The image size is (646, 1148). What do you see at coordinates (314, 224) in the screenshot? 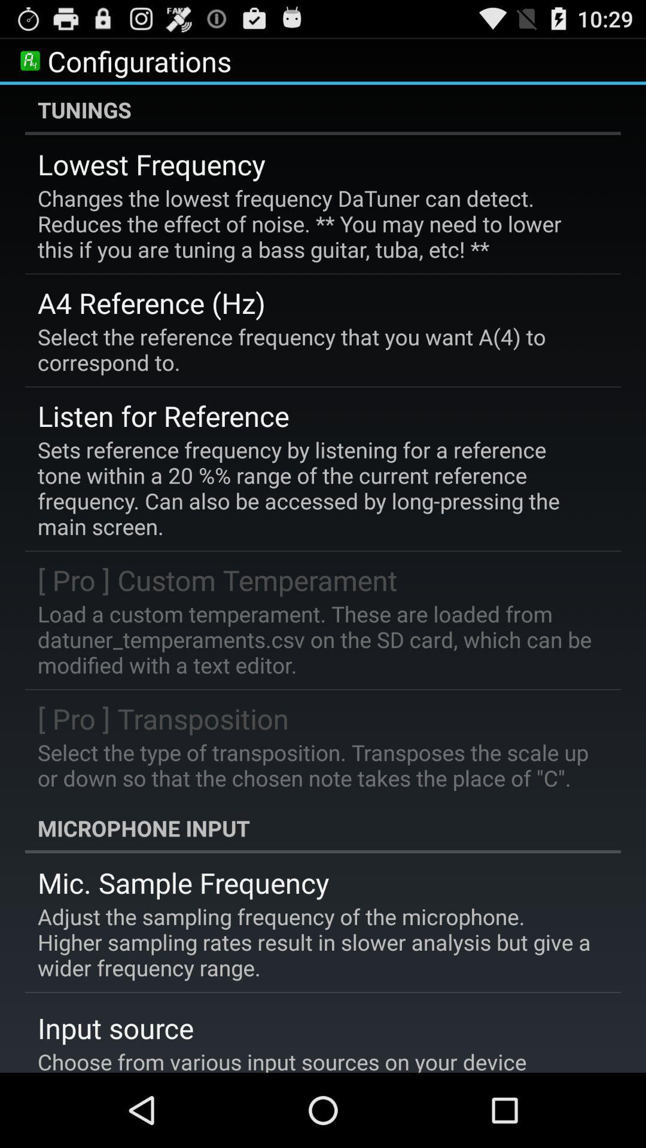
I see `the icon below the lowest frequency item` at bounding box center [314, 224].